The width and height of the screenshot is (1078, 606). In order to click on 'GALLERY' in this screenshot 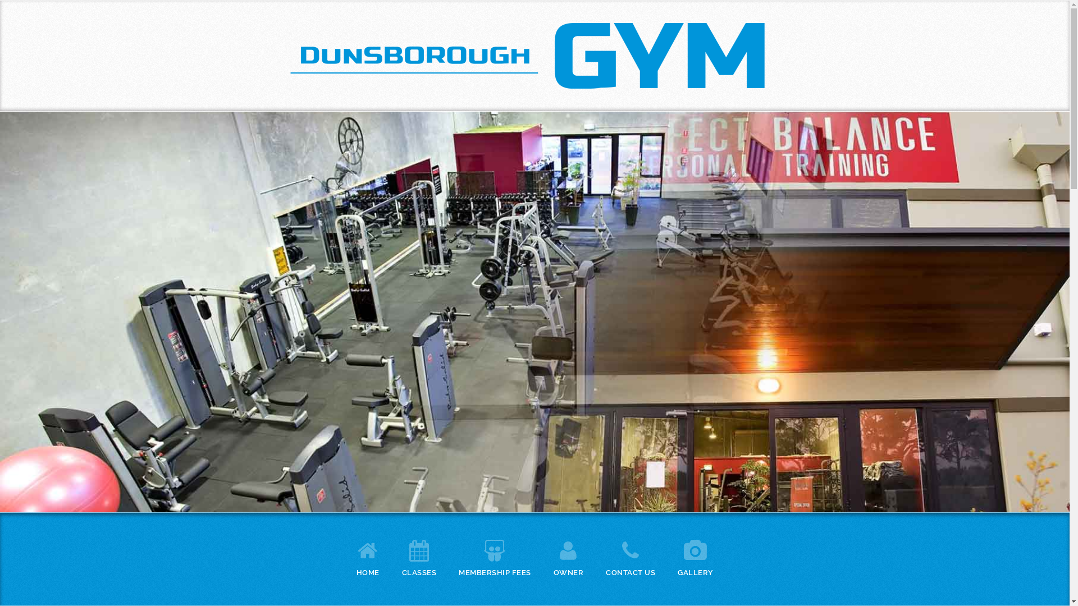, I will do `click(695, 556)`.